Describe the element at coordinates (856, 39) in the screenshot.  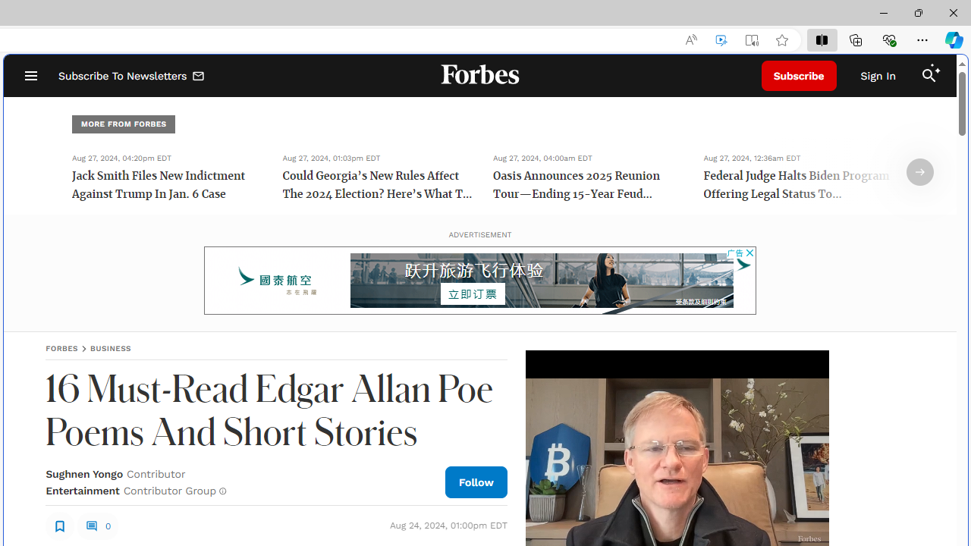
I see `'Collections'` at that location.